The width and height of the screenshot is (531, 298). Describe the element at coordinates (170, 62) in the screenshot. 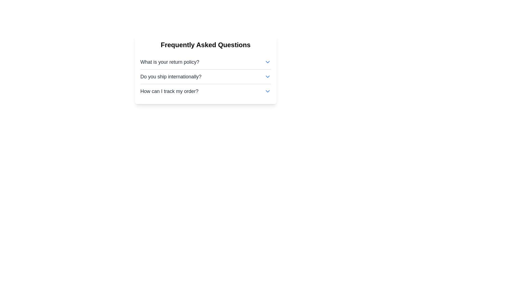

I see `the text label that says 'What is your return policy?' located in the first position of the FAQ list` at that location.